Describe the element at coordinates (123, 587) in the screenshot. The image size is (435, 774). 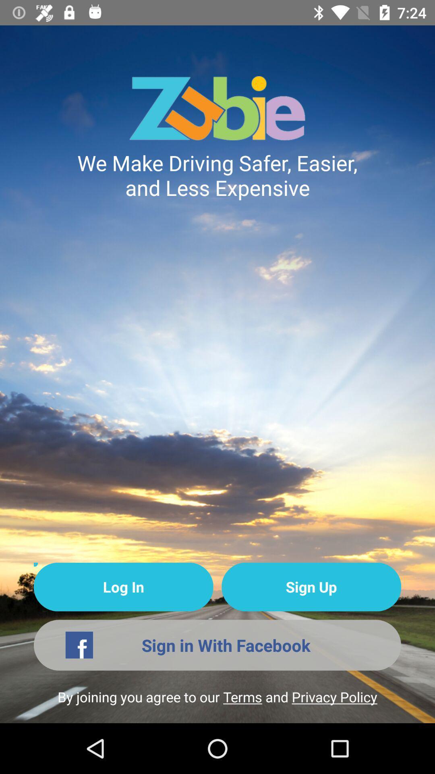
I see `icon next to sign up` at that location.